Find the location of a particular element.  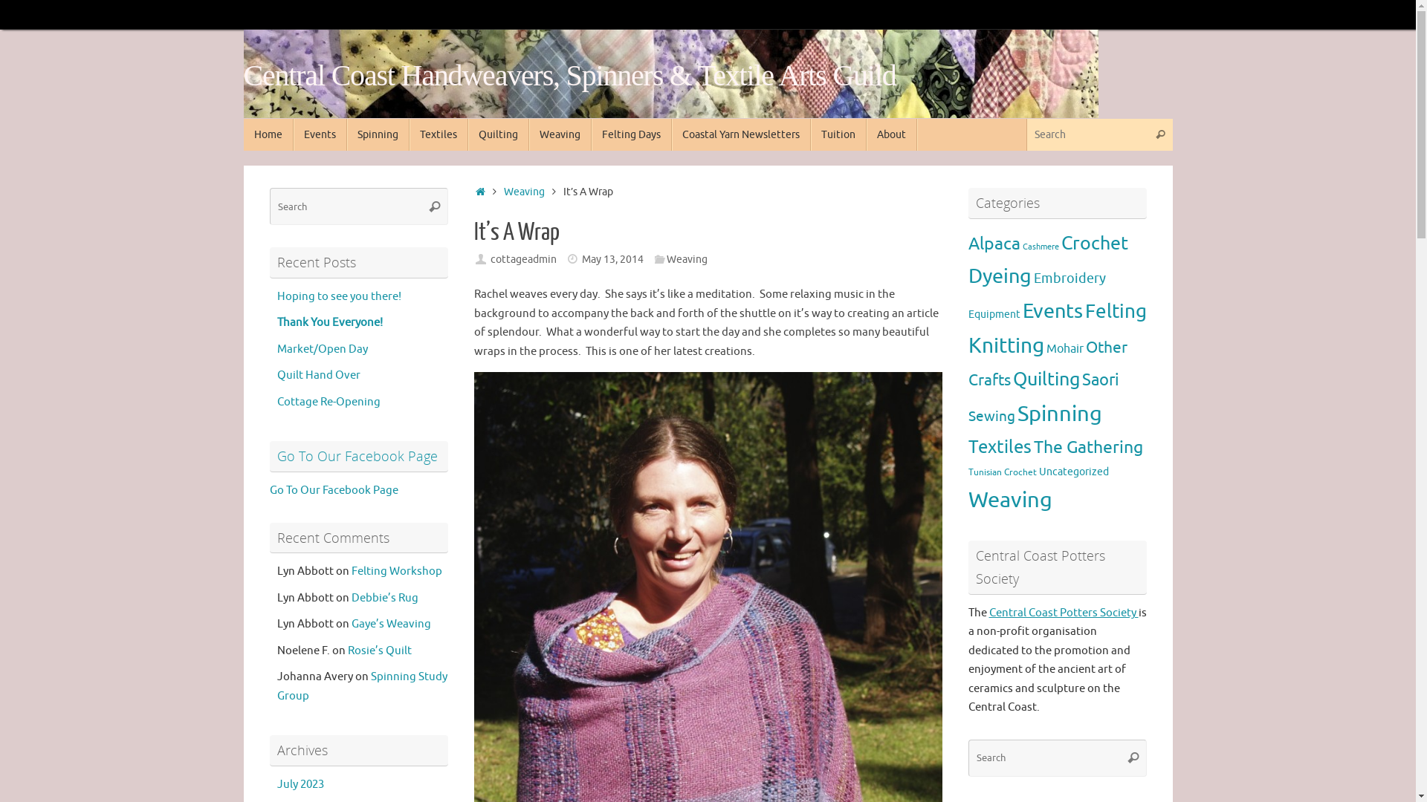

'Dyeing' is located at coordinates (967, 276).